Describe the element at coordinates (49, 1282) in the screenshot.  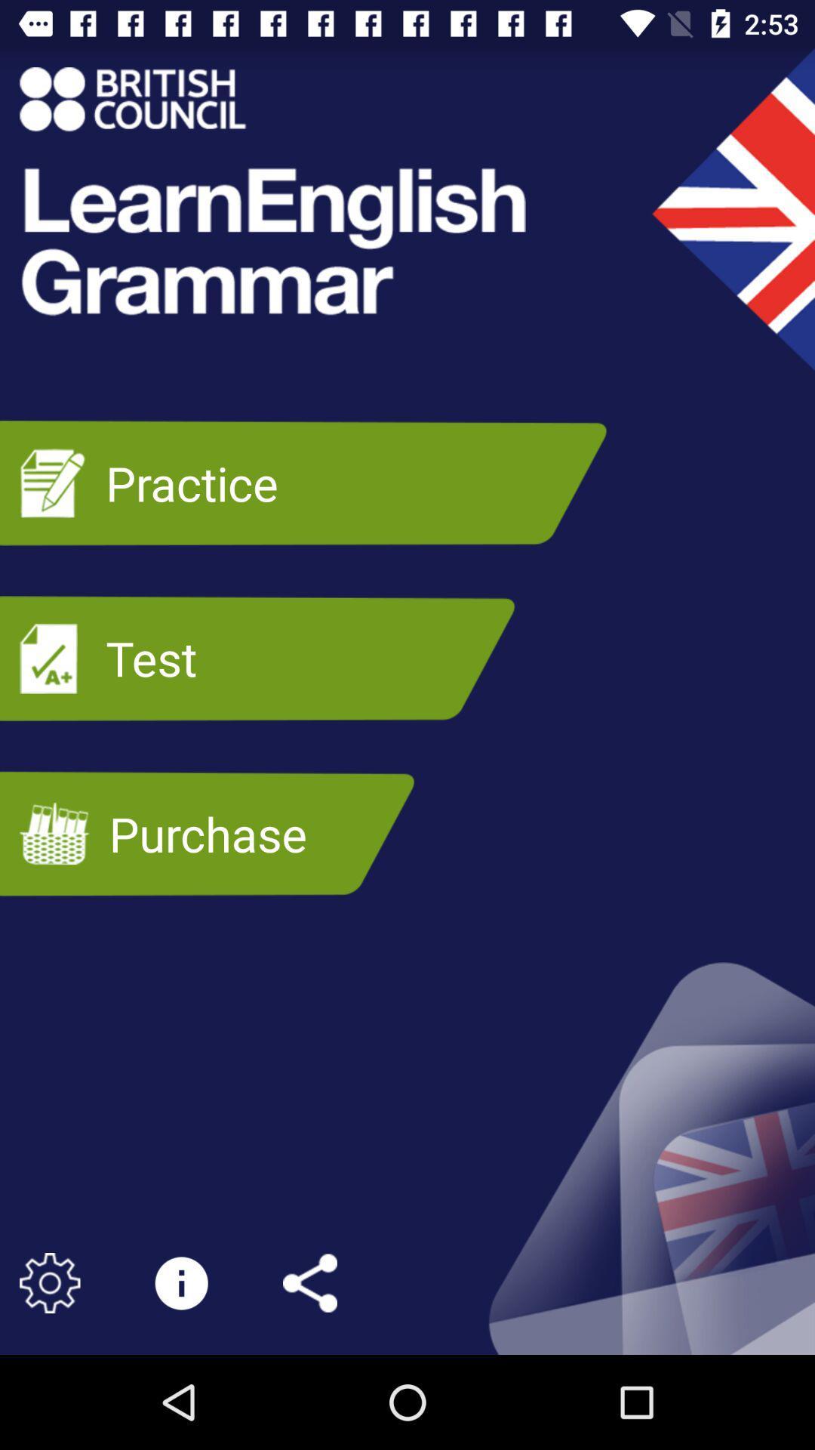
I see `the settings icon` at that location.